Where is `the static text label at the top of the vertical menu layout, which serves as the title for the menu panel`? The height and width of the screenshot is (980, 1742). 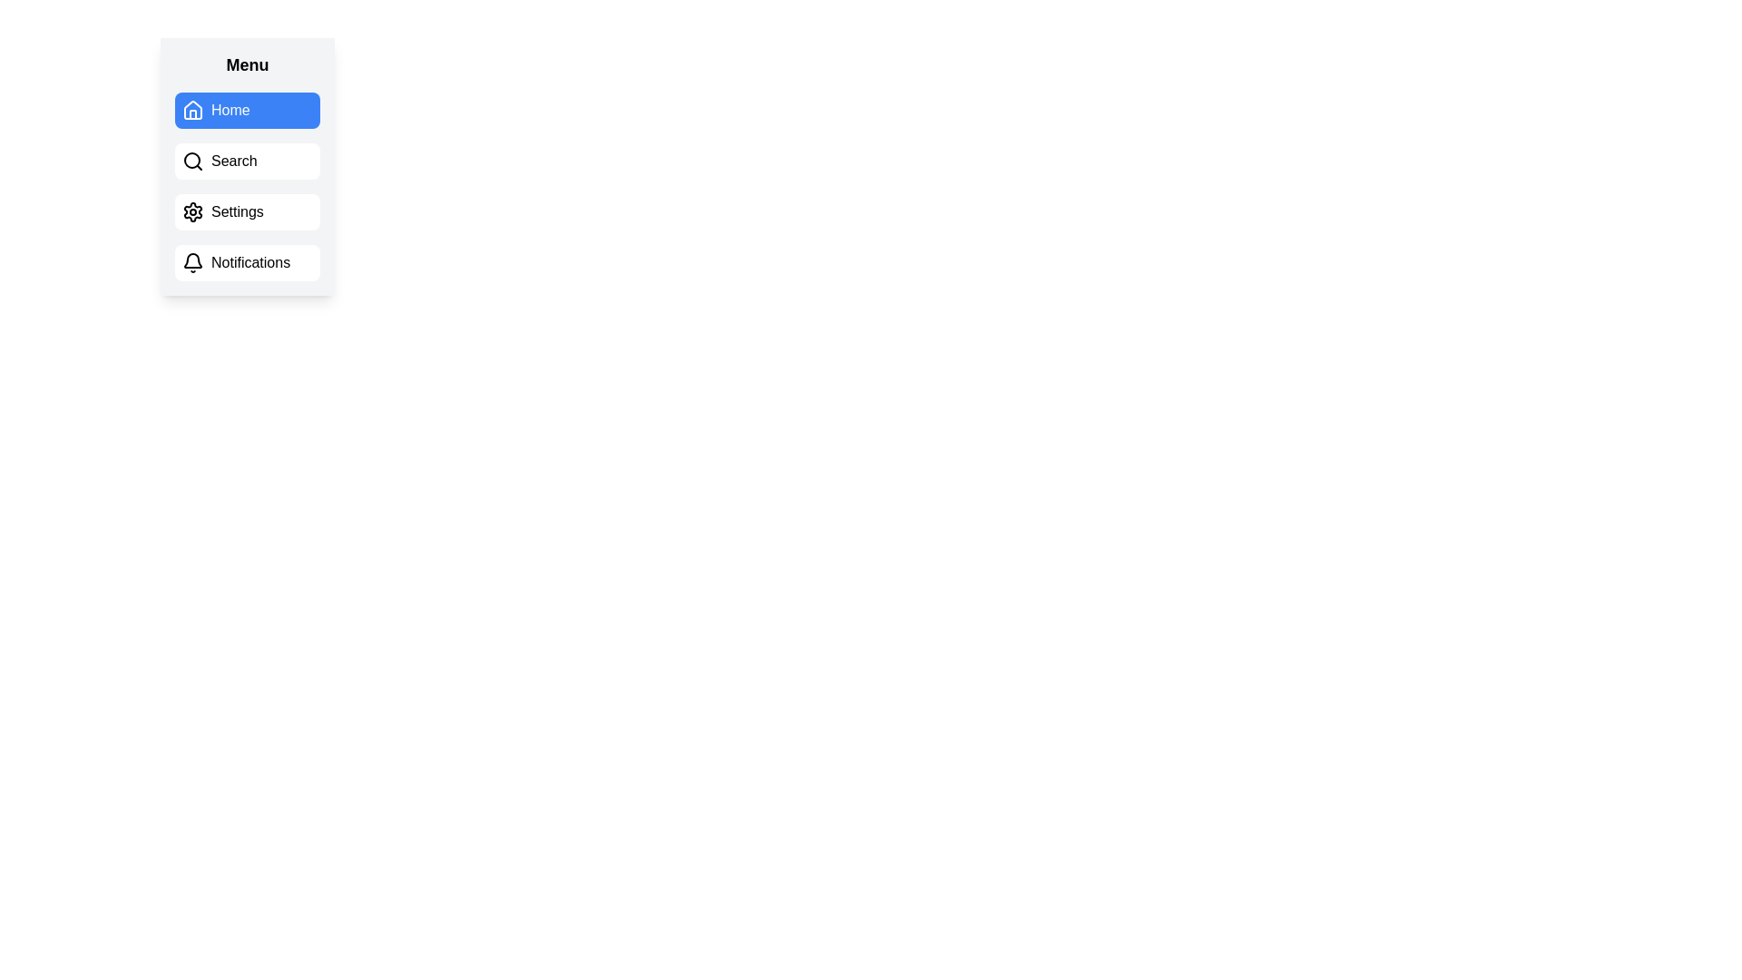 the static text label at the top of the vertical menu layout, which serves as the title for the menu panel is located at coordinates (247, 64).